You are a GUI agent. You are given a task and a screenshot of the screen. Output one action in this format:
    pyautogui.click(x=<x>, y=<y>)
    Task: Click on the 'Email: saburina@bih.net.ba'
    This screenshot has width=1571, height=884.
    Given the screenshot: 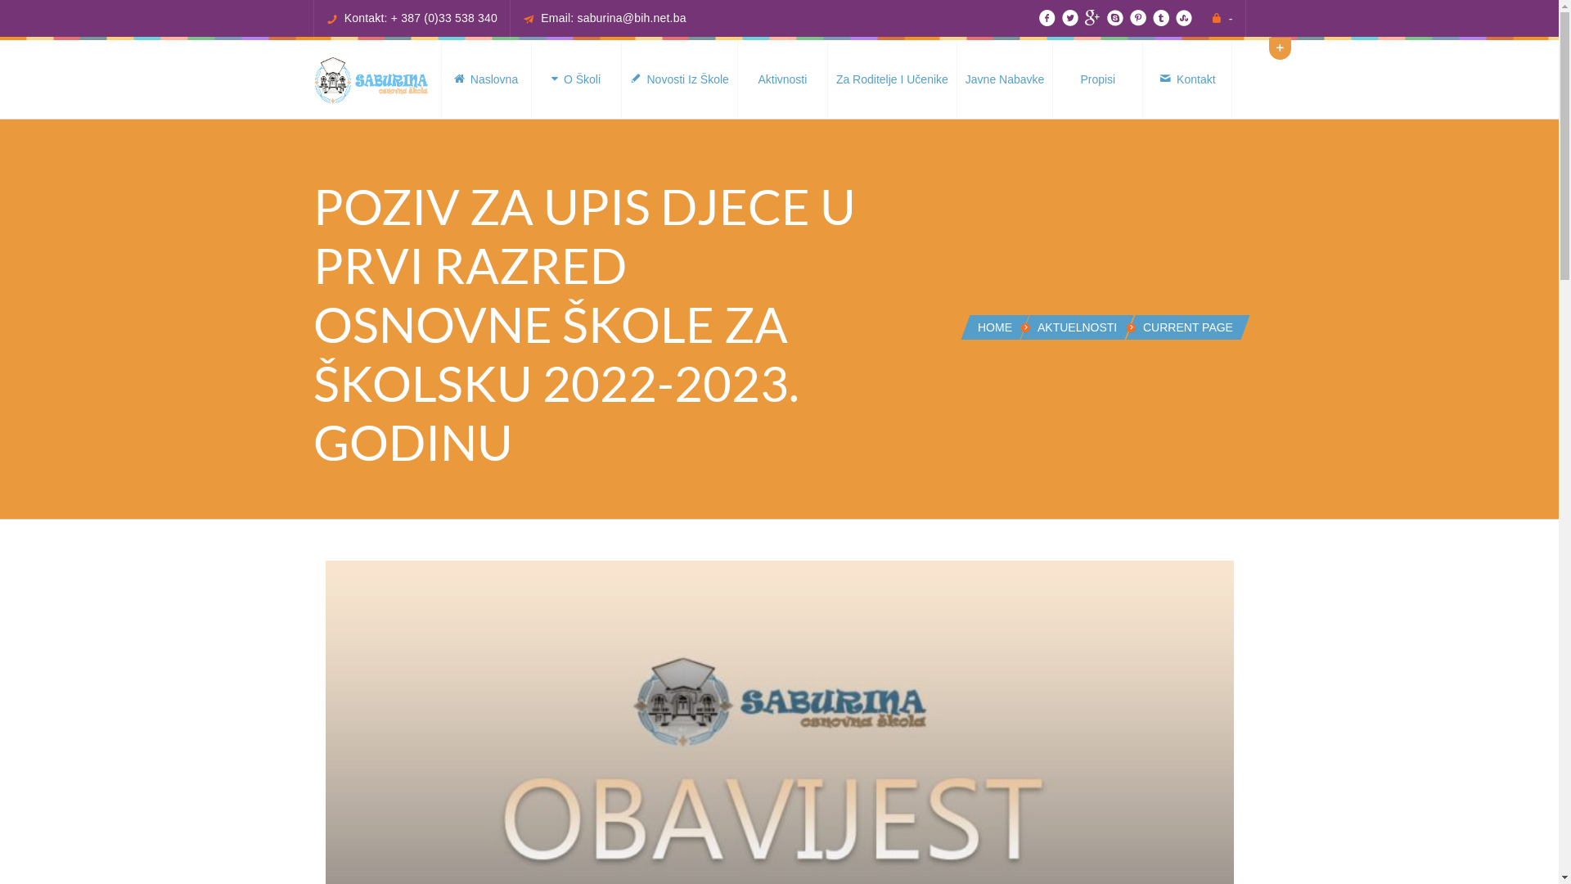 What is the action you would take?
    pyautogui.click(x=612, y=18)
    